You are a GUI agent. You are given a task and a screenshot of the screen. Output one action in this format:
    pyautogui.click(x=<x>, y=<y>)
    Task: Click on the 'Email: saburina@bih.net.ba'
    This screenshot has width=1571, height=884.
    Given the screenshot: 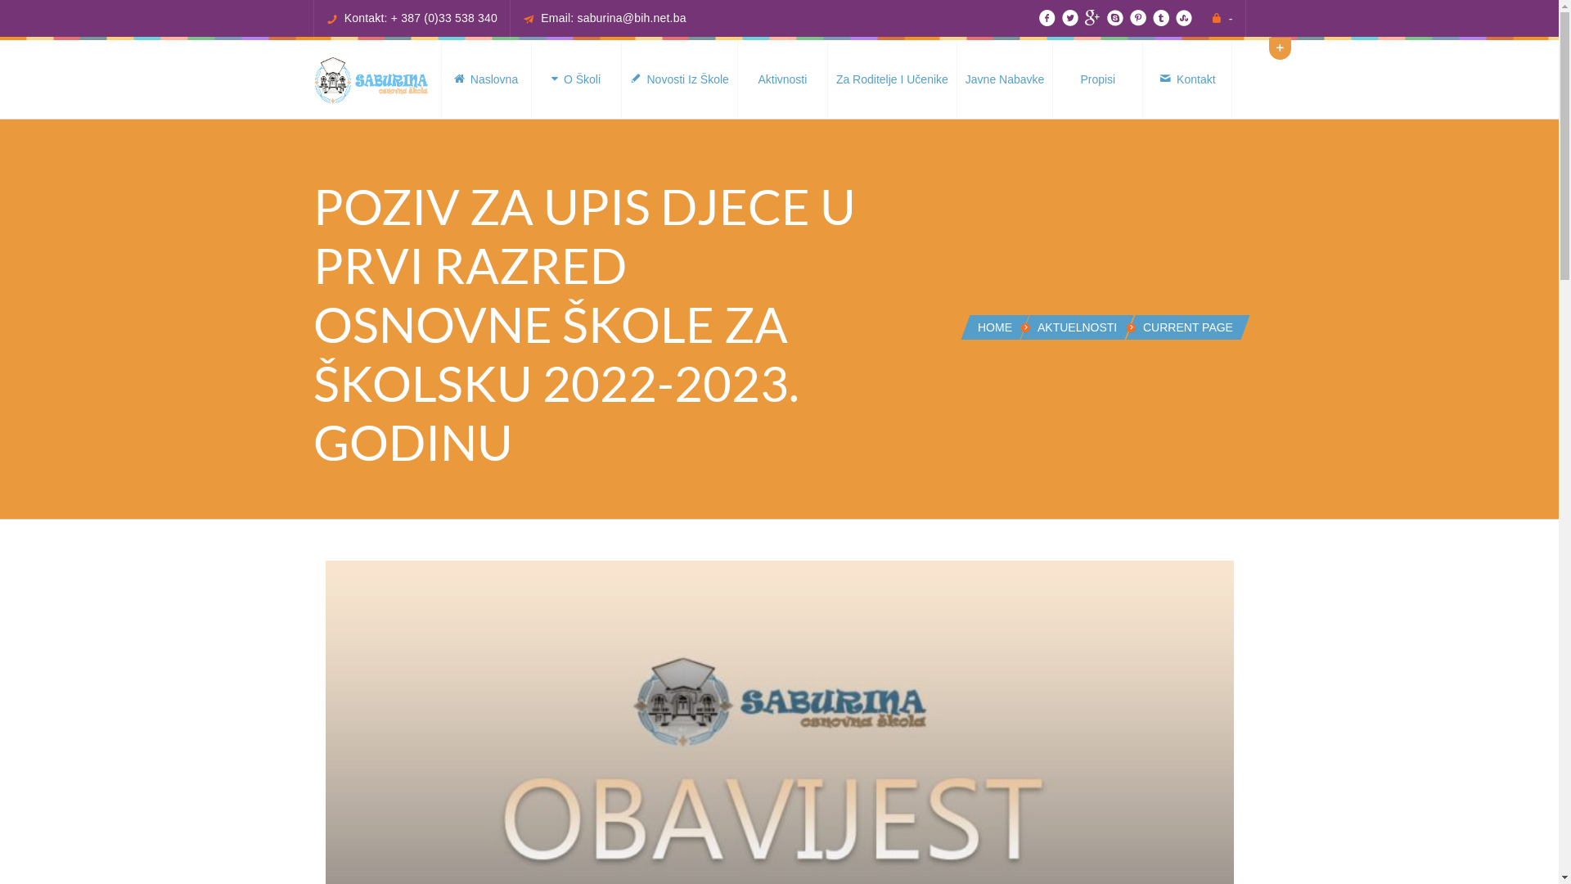 What is the action you would take?
    pyautogui.click(x=612, y=18)
    